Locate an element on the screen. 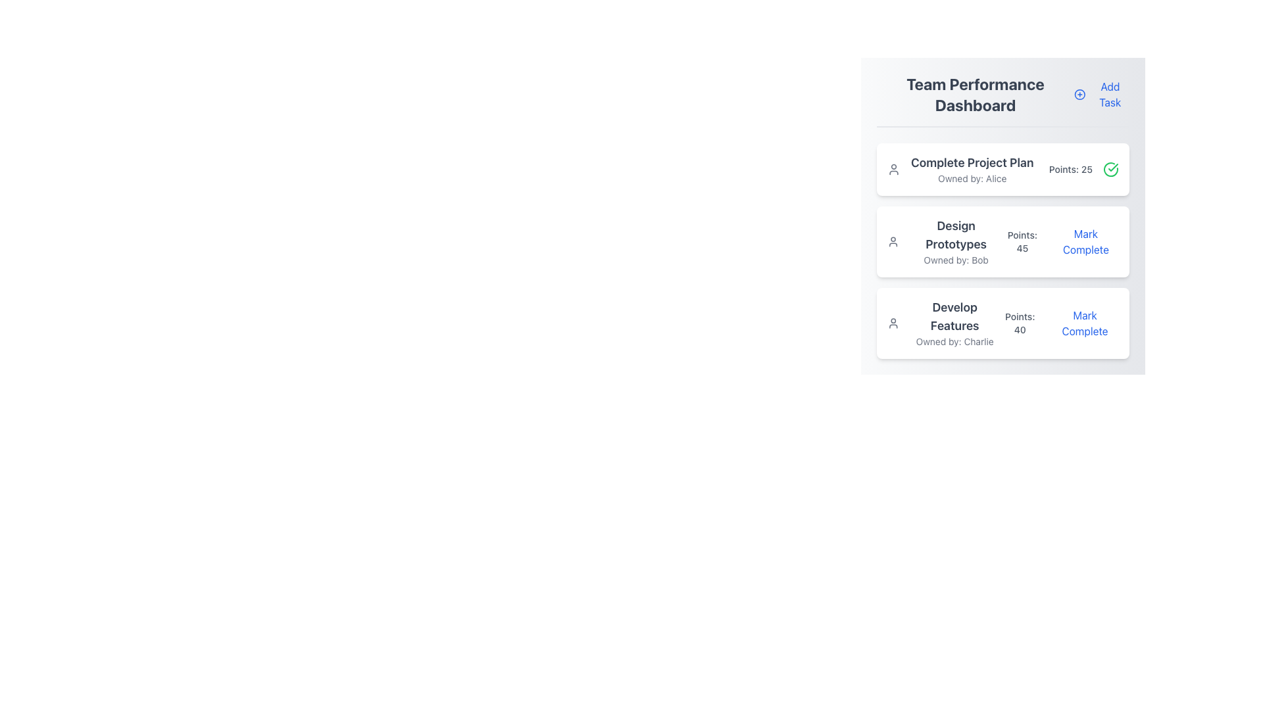  the text label indicating the owner of the associated project or task, located below the title 'Design Prototypes' and above the score 'Points: 45' is located at coordinates (956, 260).